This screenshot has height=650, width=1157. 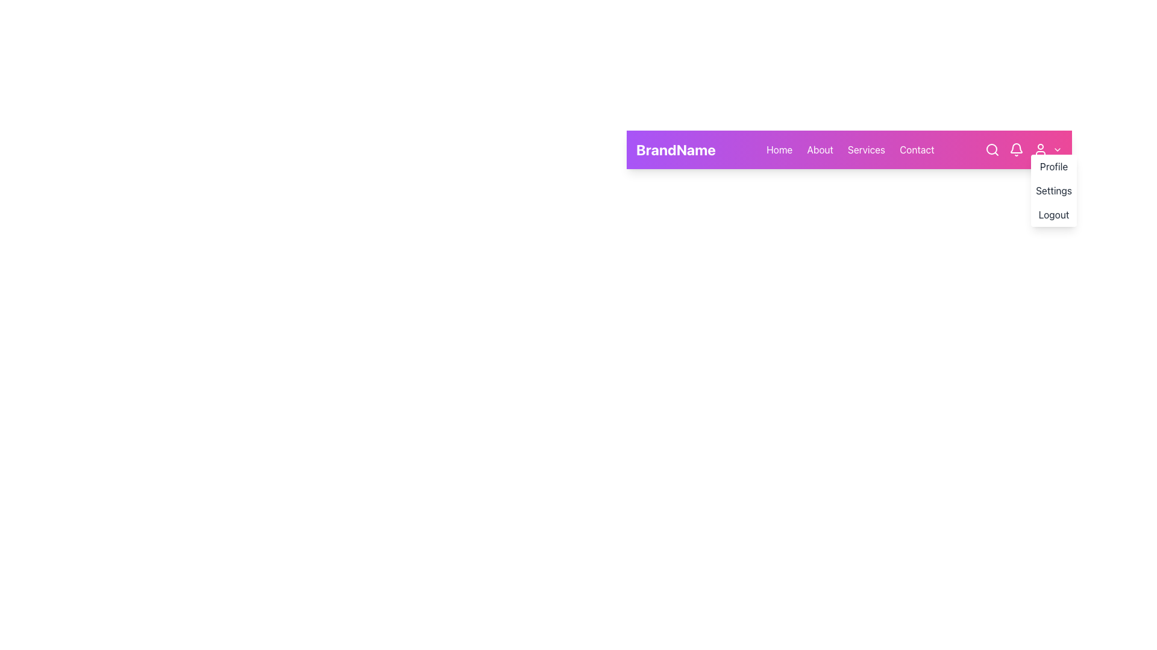 I want to click on the third clickable item in the horizontal navigation bar, which is the hyperlink that redirects to the 'Services' section, so click(x=866, y=149).